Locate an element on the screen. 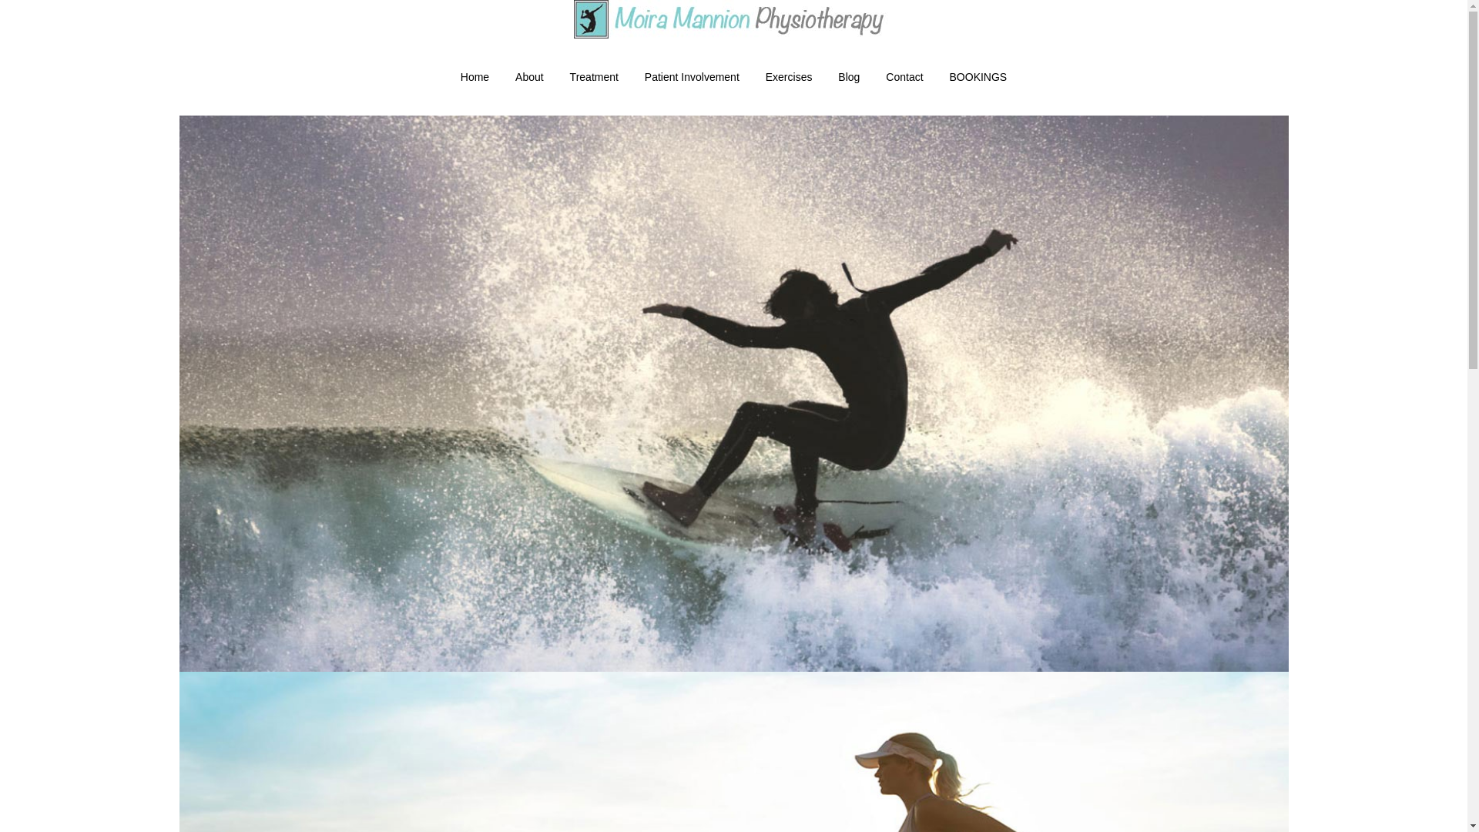 The height and width of the screenshot is (832, 1479). 'Exercises' is located at coordinates (789, 77).